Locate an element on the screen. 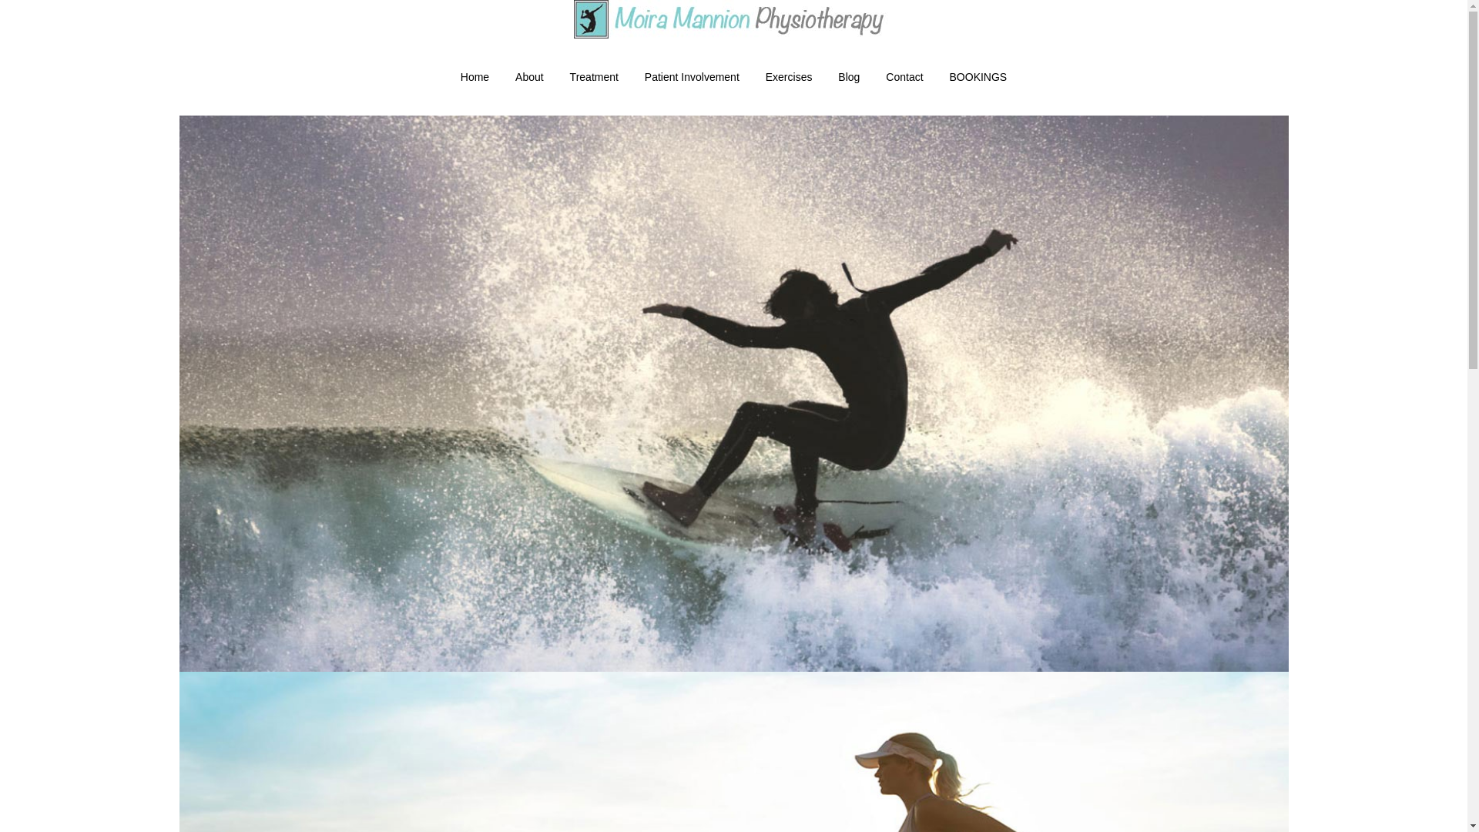 The height and width of the screenshot is (832, 1479). 'Exercises' is located at coordinates (789, 77).